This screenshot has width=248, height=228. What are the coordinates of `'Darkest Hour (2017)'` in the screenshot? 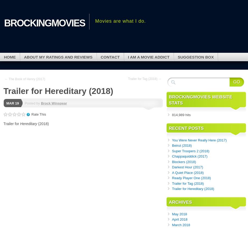 It's located at (187, 167).